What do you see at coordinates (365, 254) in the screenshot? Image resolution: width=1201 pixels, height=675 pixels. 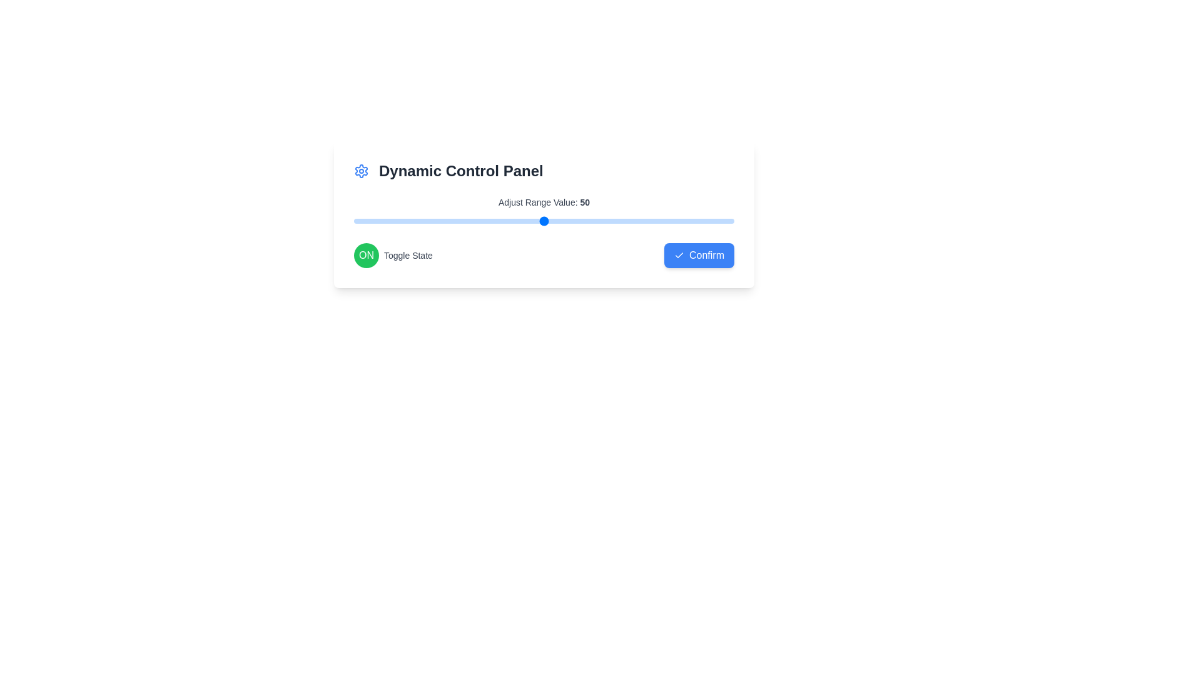 I see `the toggle button located in the lower left portion of the 'Dynamic Control Panel' card` at bounding box center [365, 254].